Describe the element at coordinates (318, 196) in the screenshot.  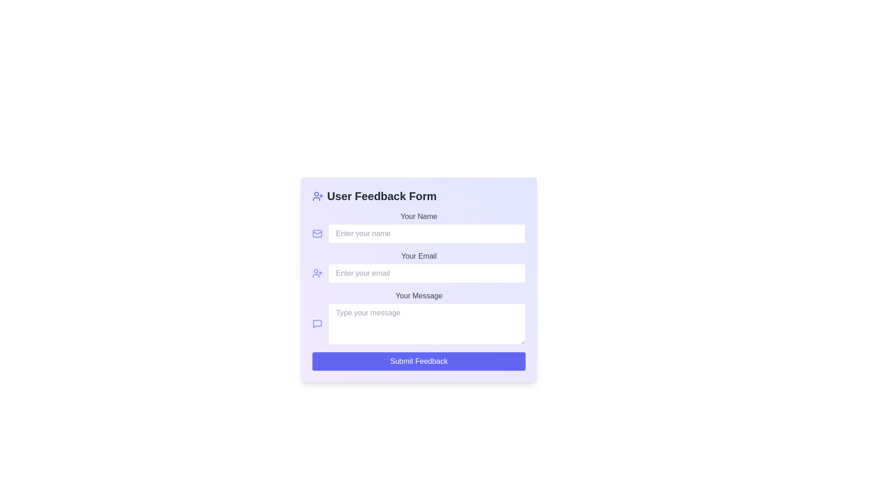
I see `the user-plus icon located to the left of the 'User Feedback Form' text` at that location.